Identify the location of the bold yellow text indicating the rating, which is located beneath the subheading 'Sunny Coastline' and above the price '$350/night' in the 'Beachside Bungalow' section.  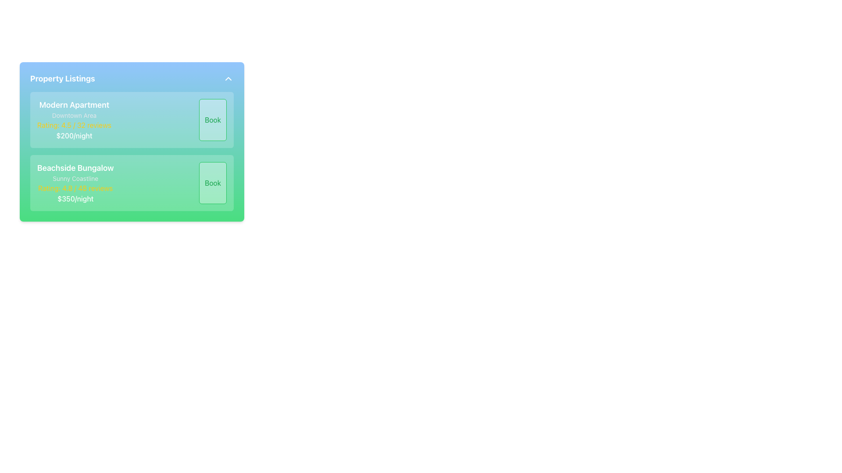
(75, 187).